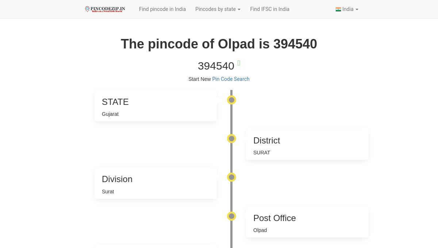 The width and height of the screenshot is (438, 248). Describe the element at coordinates (200, 79) in the screenshot. I see `'Start New'` at that location.